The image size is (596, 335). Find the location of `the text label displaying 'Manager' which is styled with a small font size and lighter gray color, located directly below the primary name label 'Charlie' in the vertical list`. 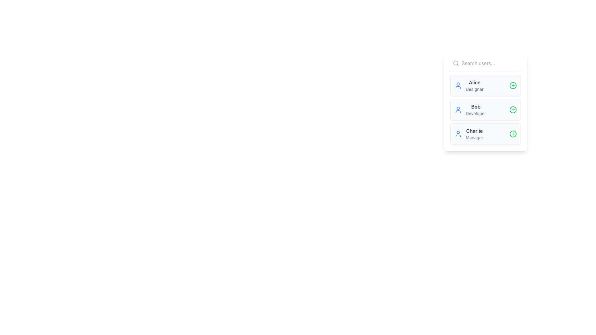

the text label displaying 'Manager' which is styled with a small font size and lighter gray color, located directly below the primary name label 'Charlie' in the vertical list is located at coordinates (474, 137).